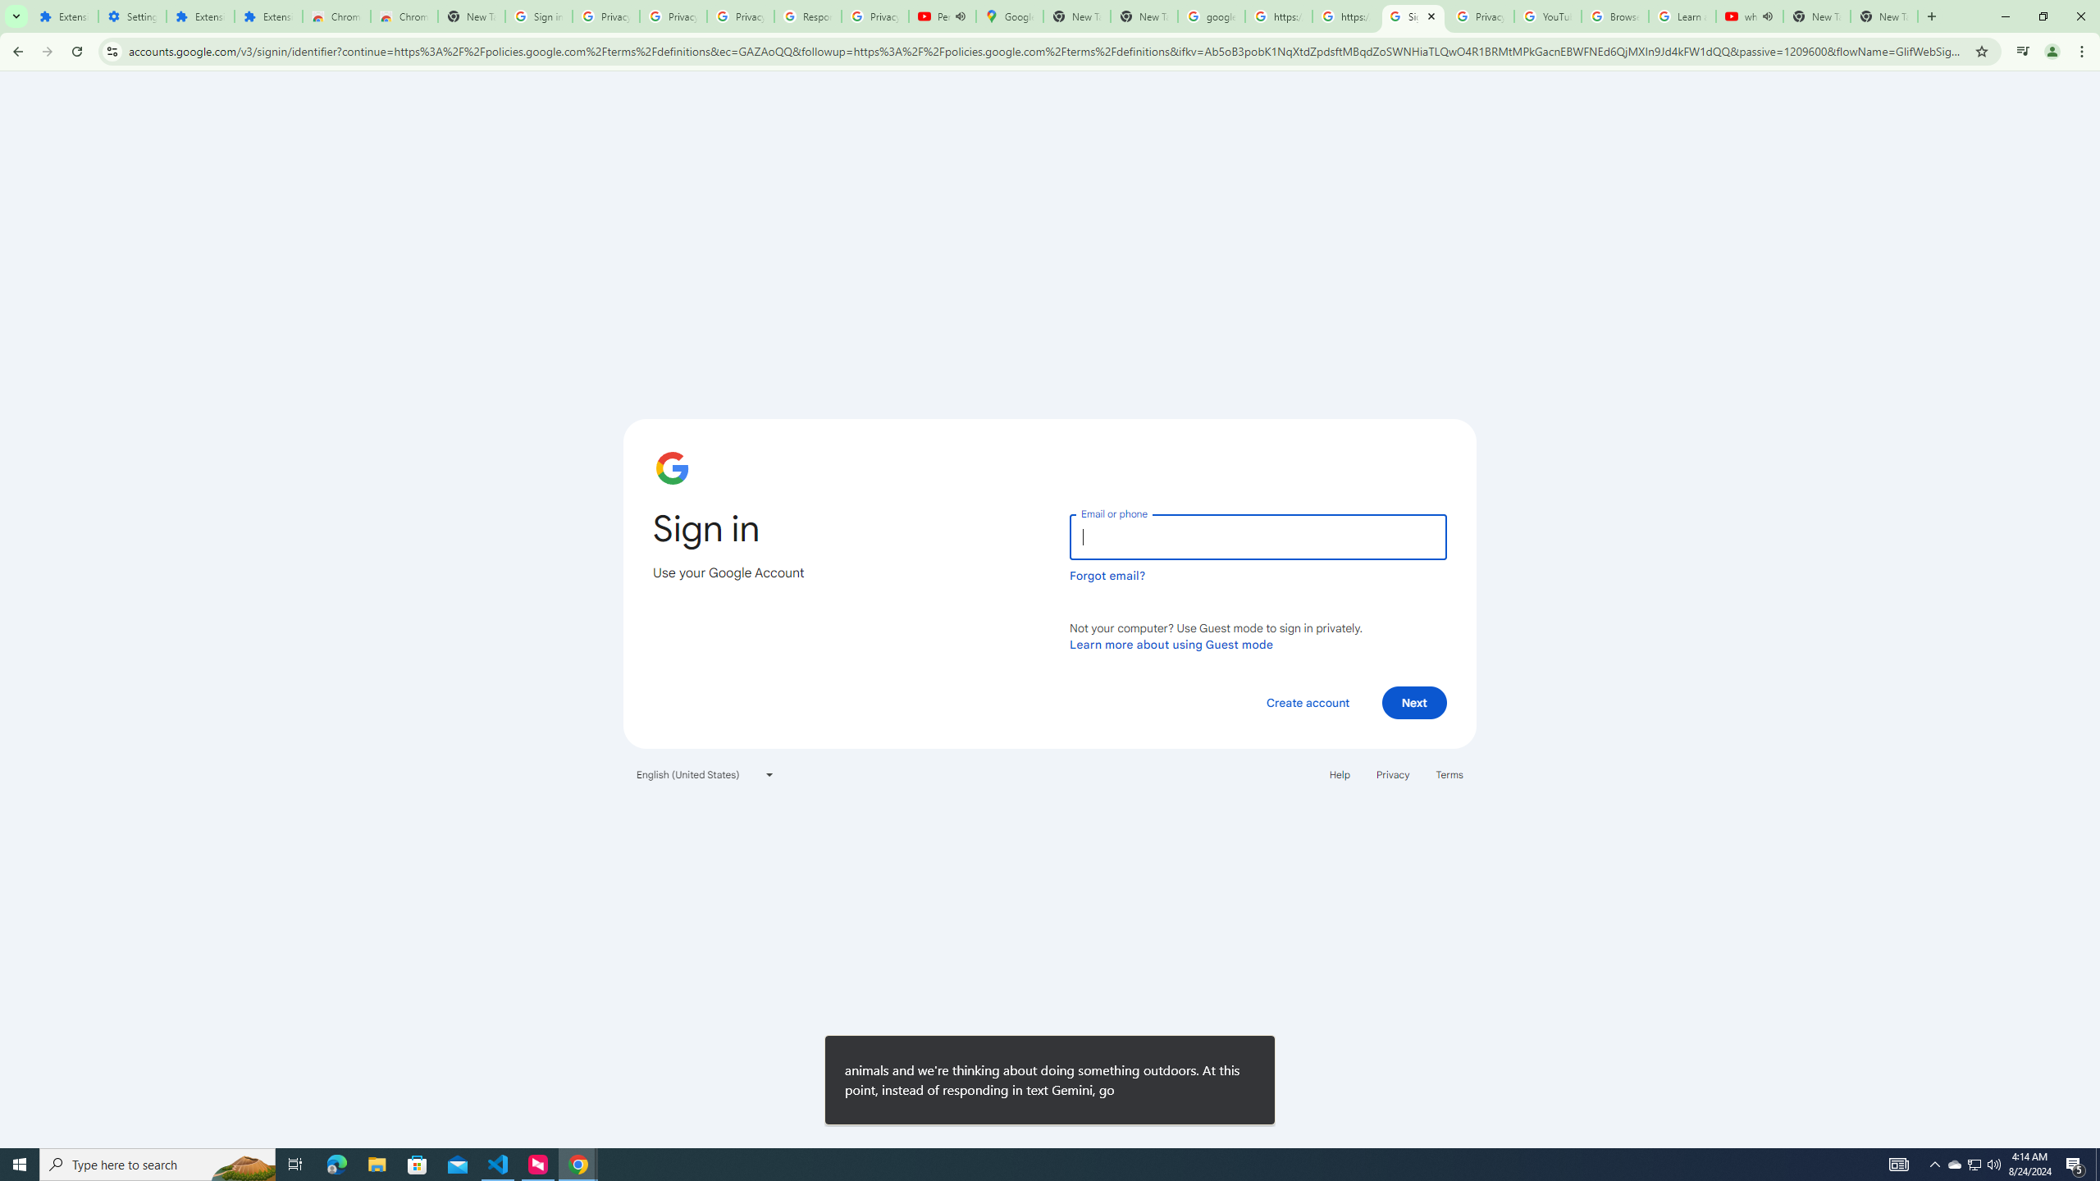 Image resolution: width=2100 pixels, height=1181 pixels. Describe the element at coordinates (1278, 16) in the screenshot. I see `'https://scholar.google.com/'` at that location.